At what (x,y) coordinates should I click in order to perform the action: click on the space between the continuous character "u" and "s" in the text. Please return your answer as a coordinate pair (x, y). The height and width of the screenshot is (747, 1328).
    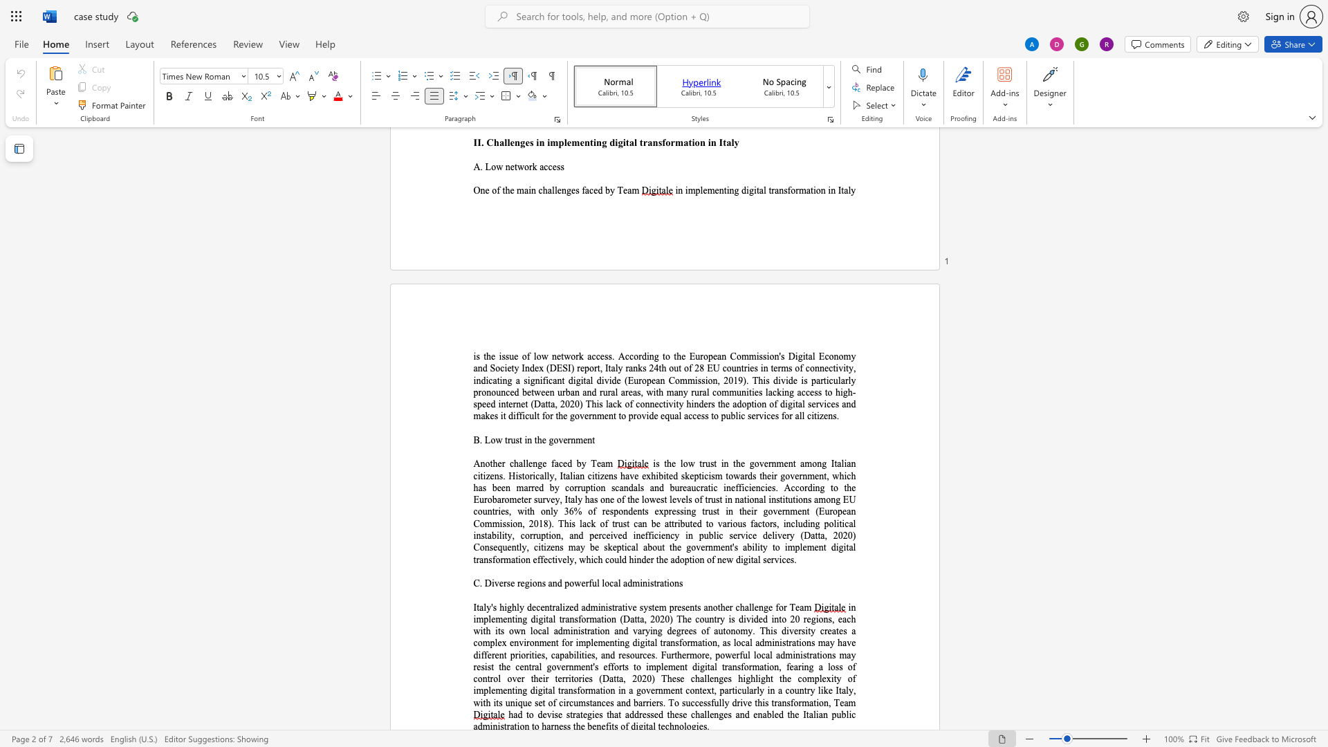
    Looking at the image, I should click on (741, 524).